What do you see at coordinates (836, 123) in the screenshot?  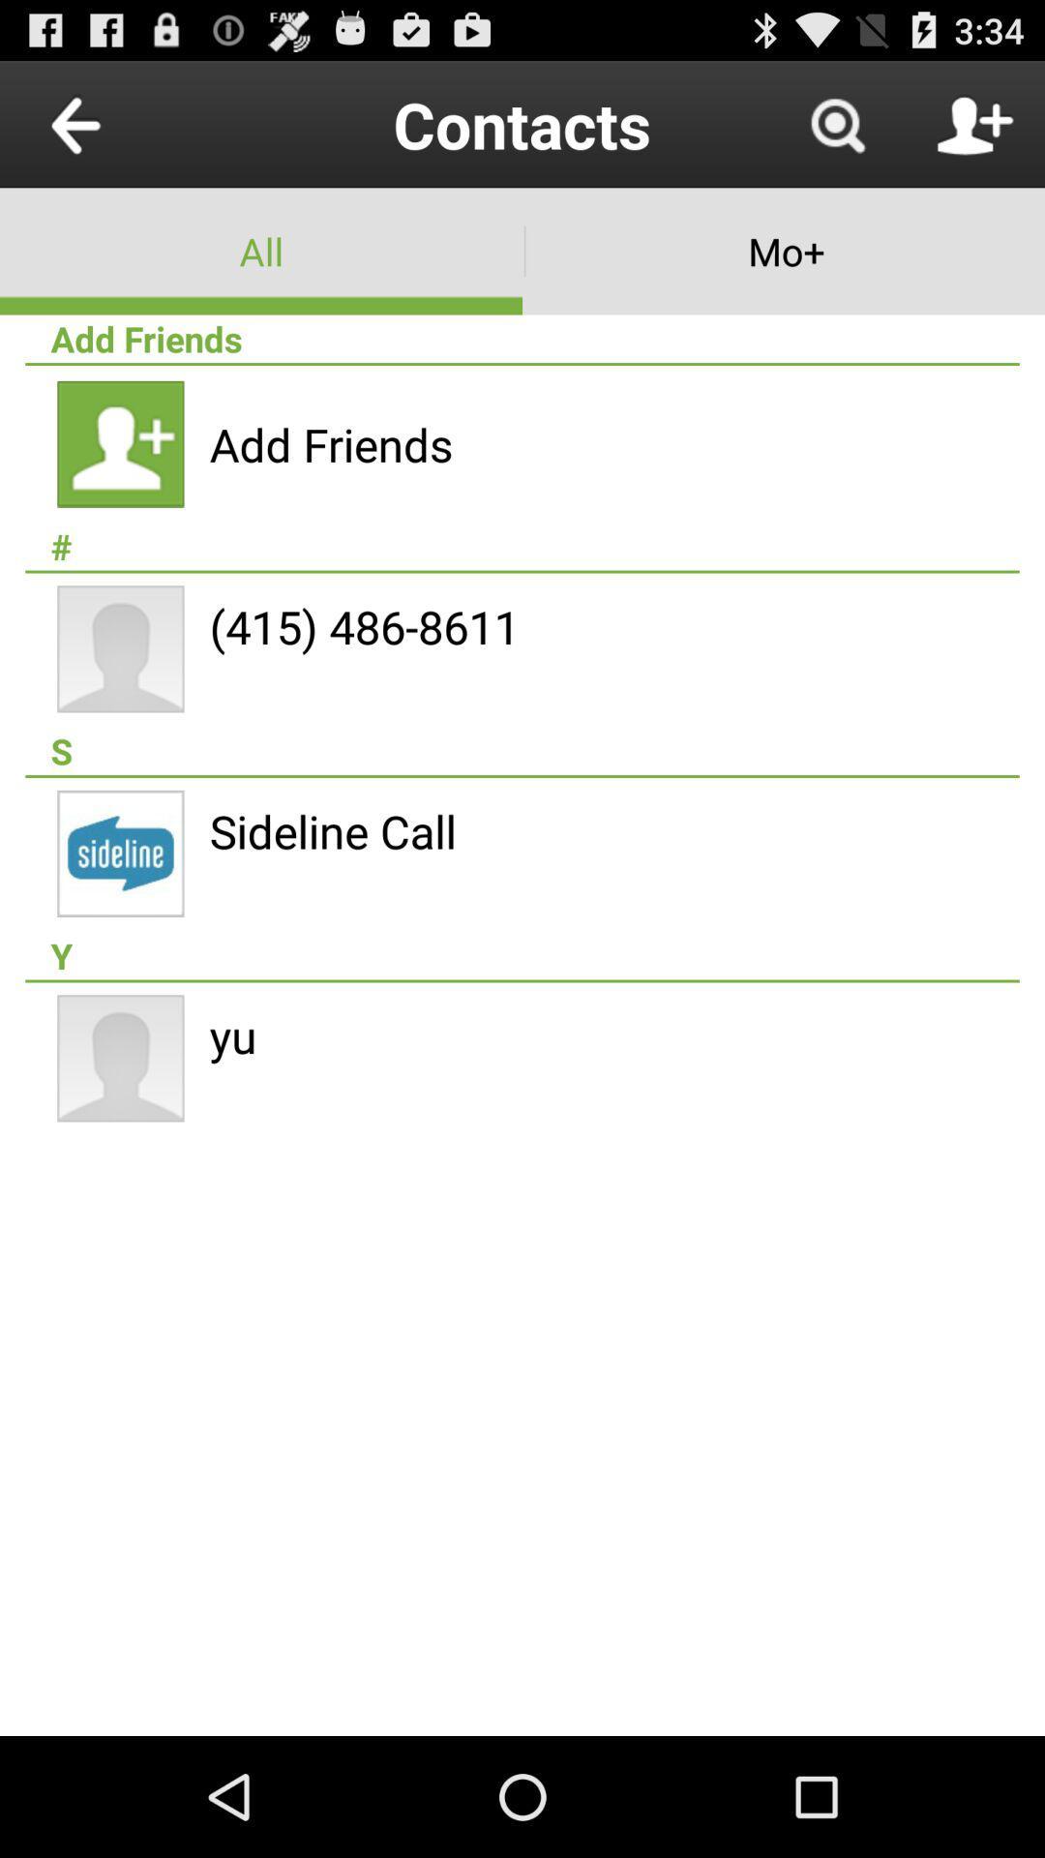 I see `search` at bounding box center [836, 123].